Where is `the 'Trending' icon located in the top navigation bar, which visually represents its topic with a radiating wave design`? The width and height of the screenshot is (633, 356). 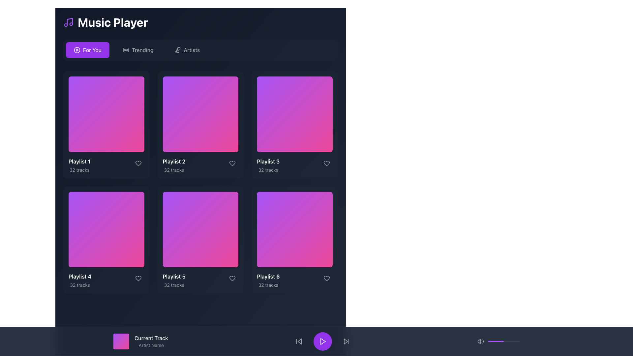
the 'Trending' icon located in the top navigation bar, which visually represents its topic with a radiating wave design is located at coordinates (126, 49).